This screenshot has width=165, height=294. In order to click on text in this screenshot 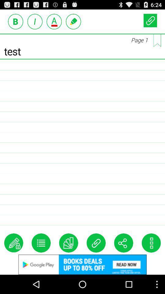, I will do `click(16, 21)`.